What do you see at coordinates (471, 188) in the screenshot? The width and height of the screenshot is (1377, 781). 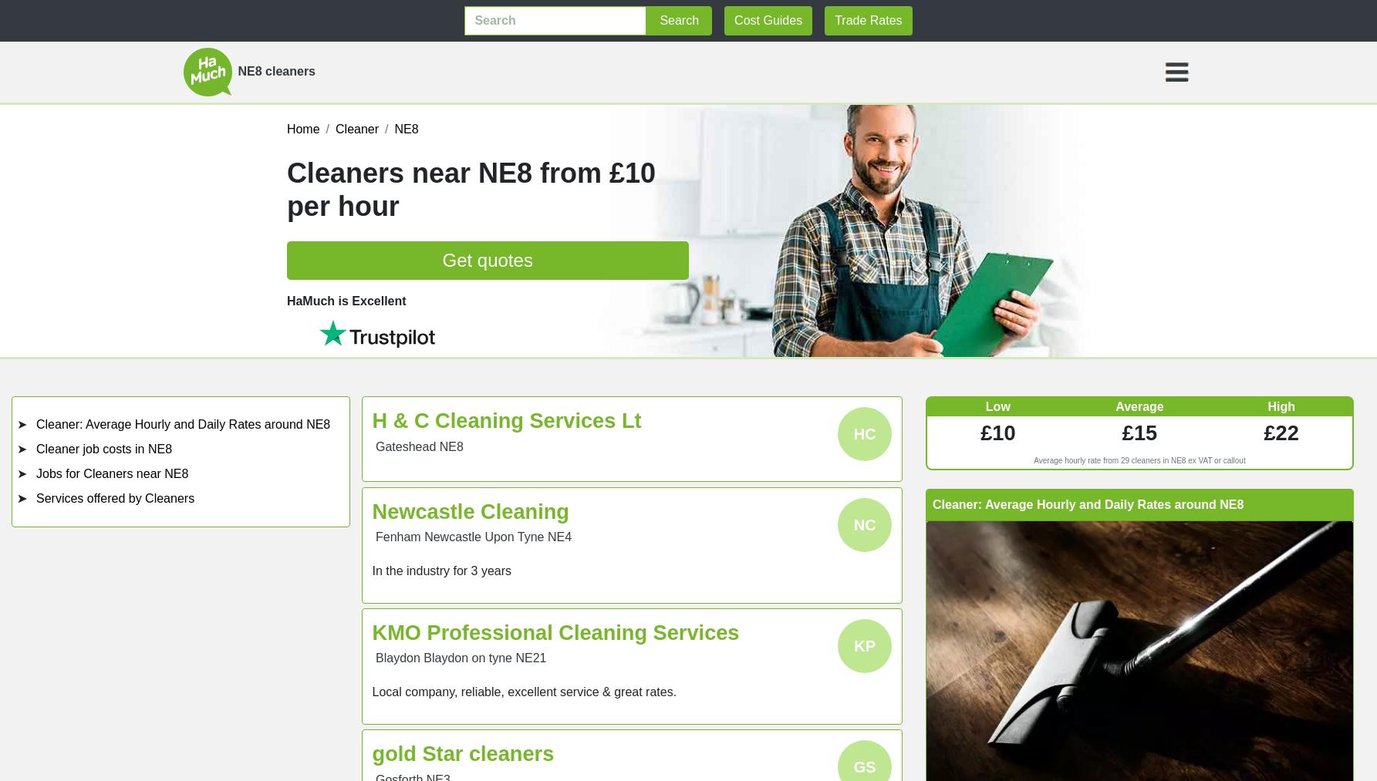 I see `'Cleaners near NE8 from £10 per hour'` at bounding box center [471, 188].